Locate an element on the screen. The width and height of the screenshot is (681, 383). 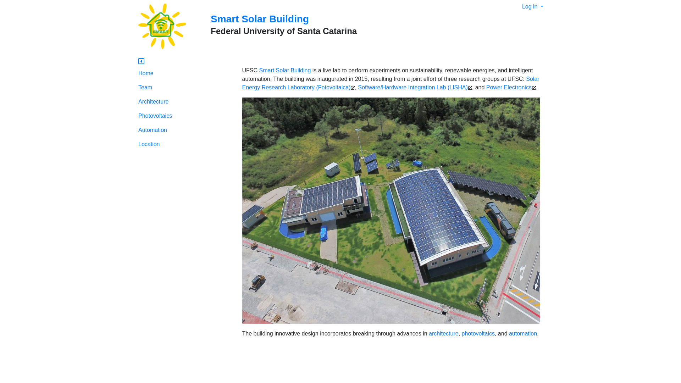
'Architecture' is located at coordinates (185, 101).